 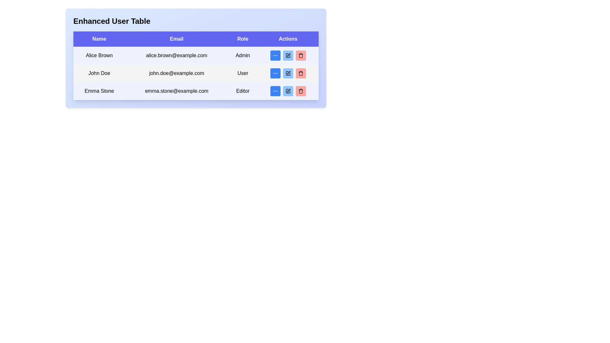 What do you see at coordinates (288, 91) in the screenshot?
I see `the edit button for 'Emma Stone' in the Actions column of the last row` at bounding box center [288, 91].